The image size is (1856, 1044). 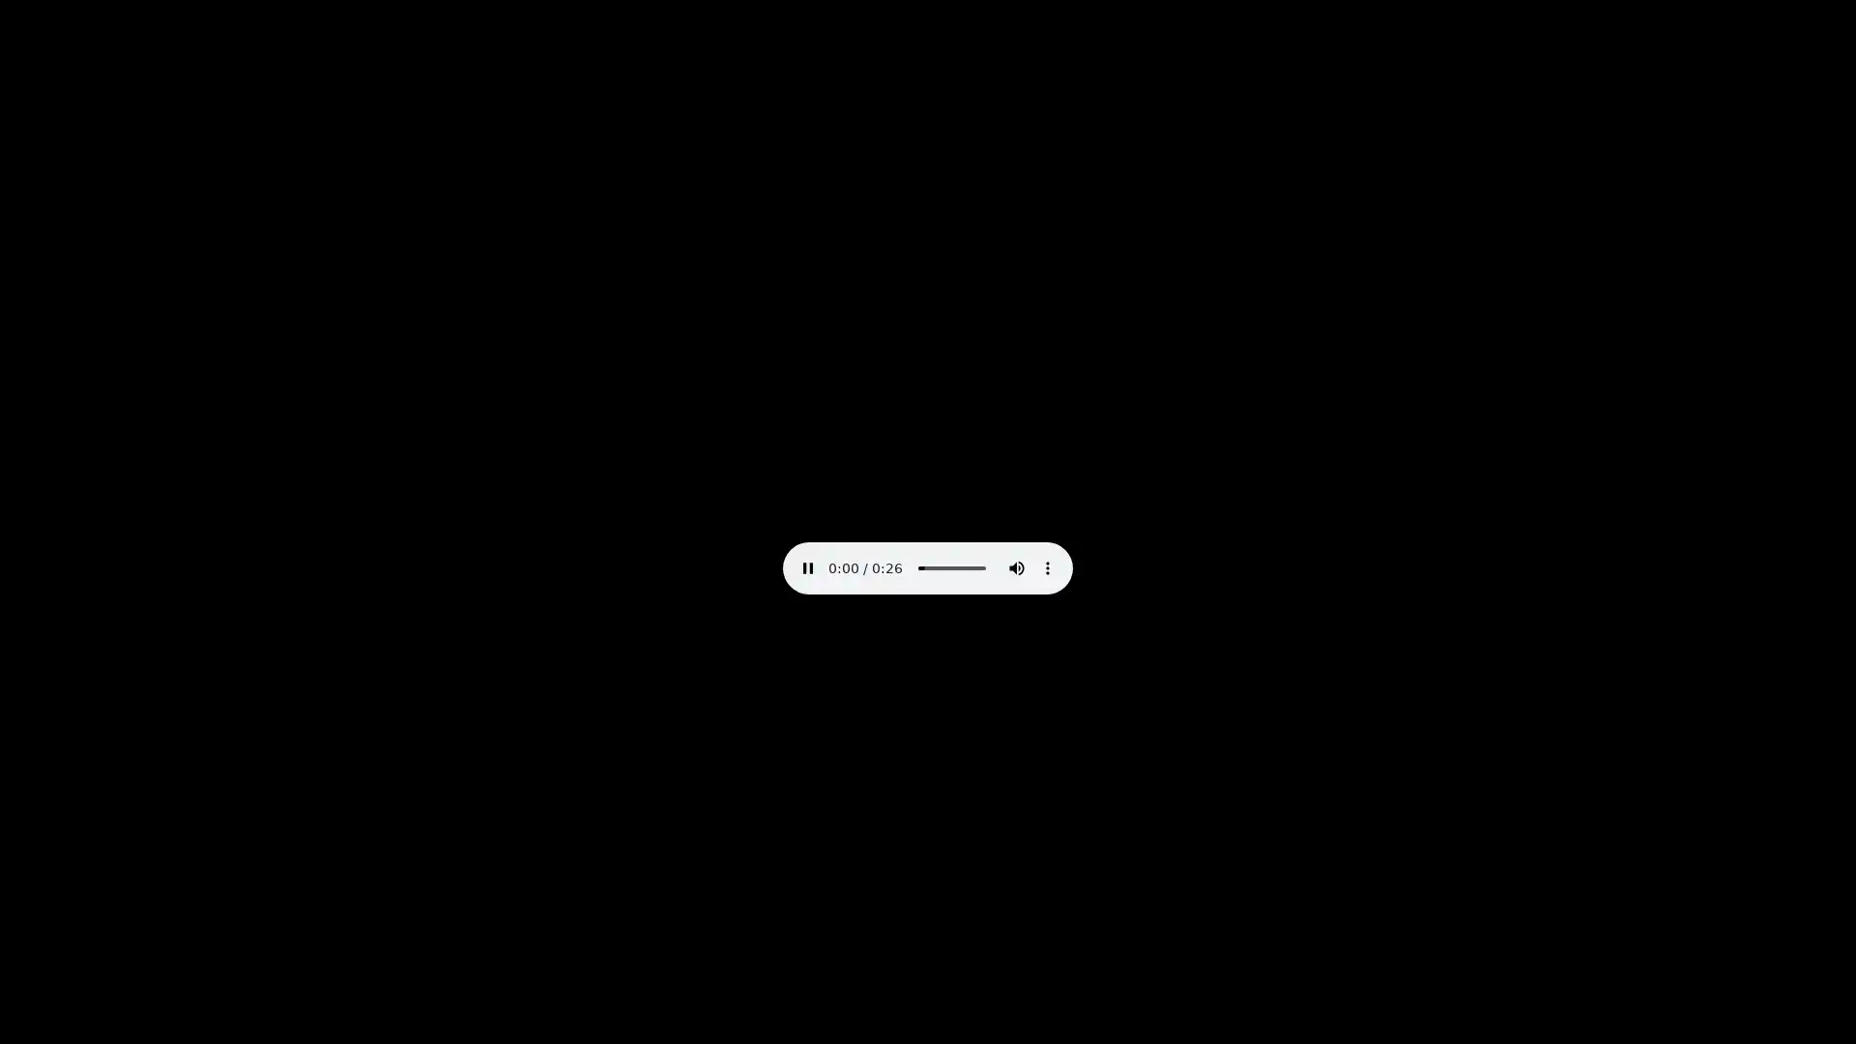 I want to click on pause, so click(x=807, y=566).